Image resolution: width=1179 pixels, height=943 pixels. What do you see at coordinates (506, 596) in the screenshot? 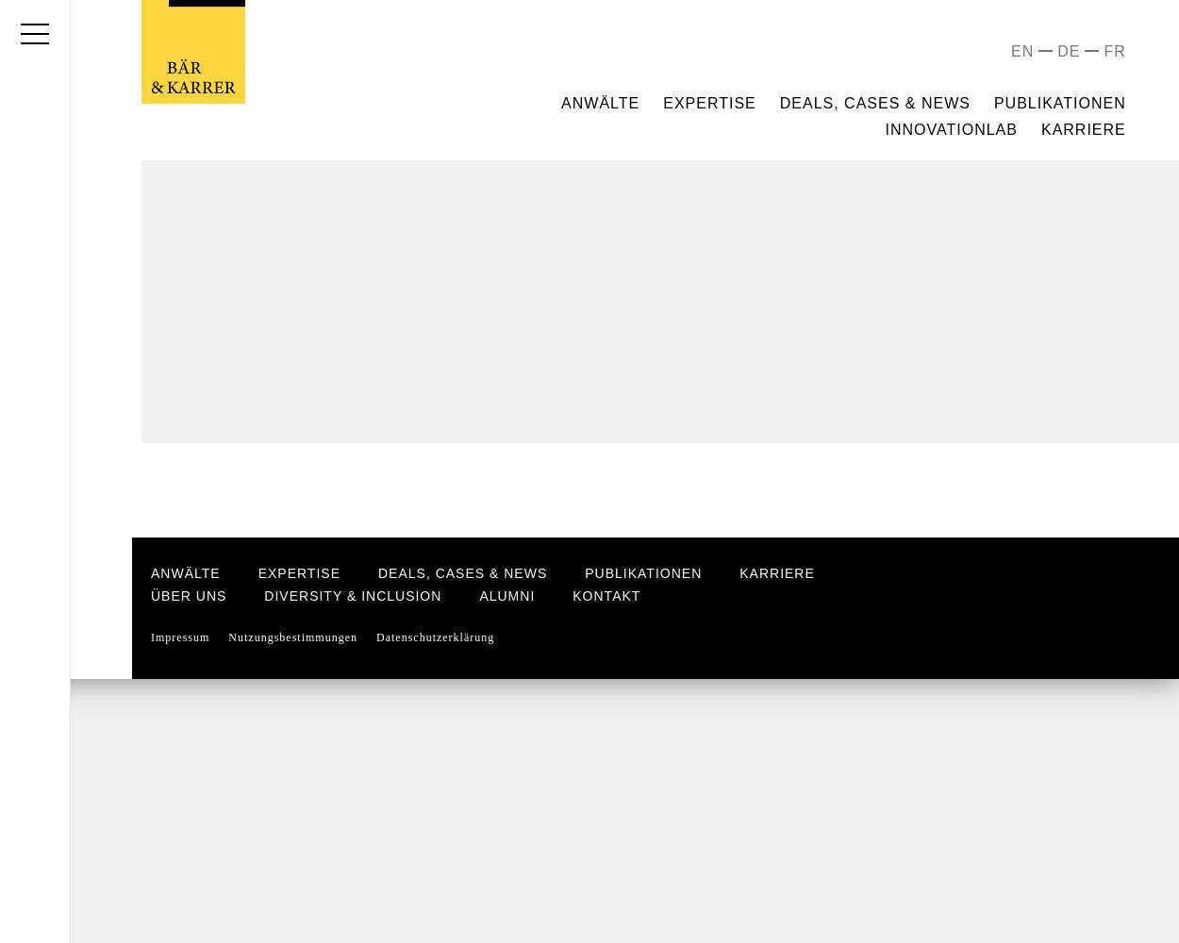
I see `'Alumni'` at bounding box center [506, 596].